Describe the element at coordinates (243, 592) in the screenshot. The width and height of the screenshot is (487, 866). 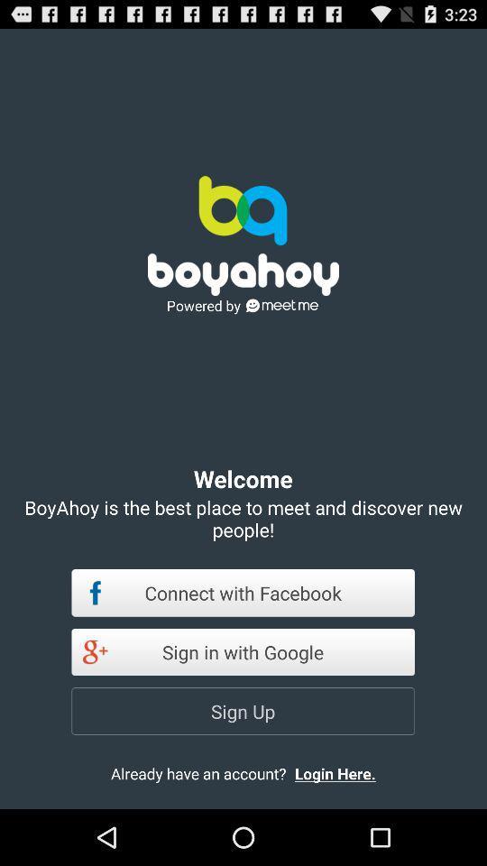
I see `the icon below boyahoy is the app` at that location.